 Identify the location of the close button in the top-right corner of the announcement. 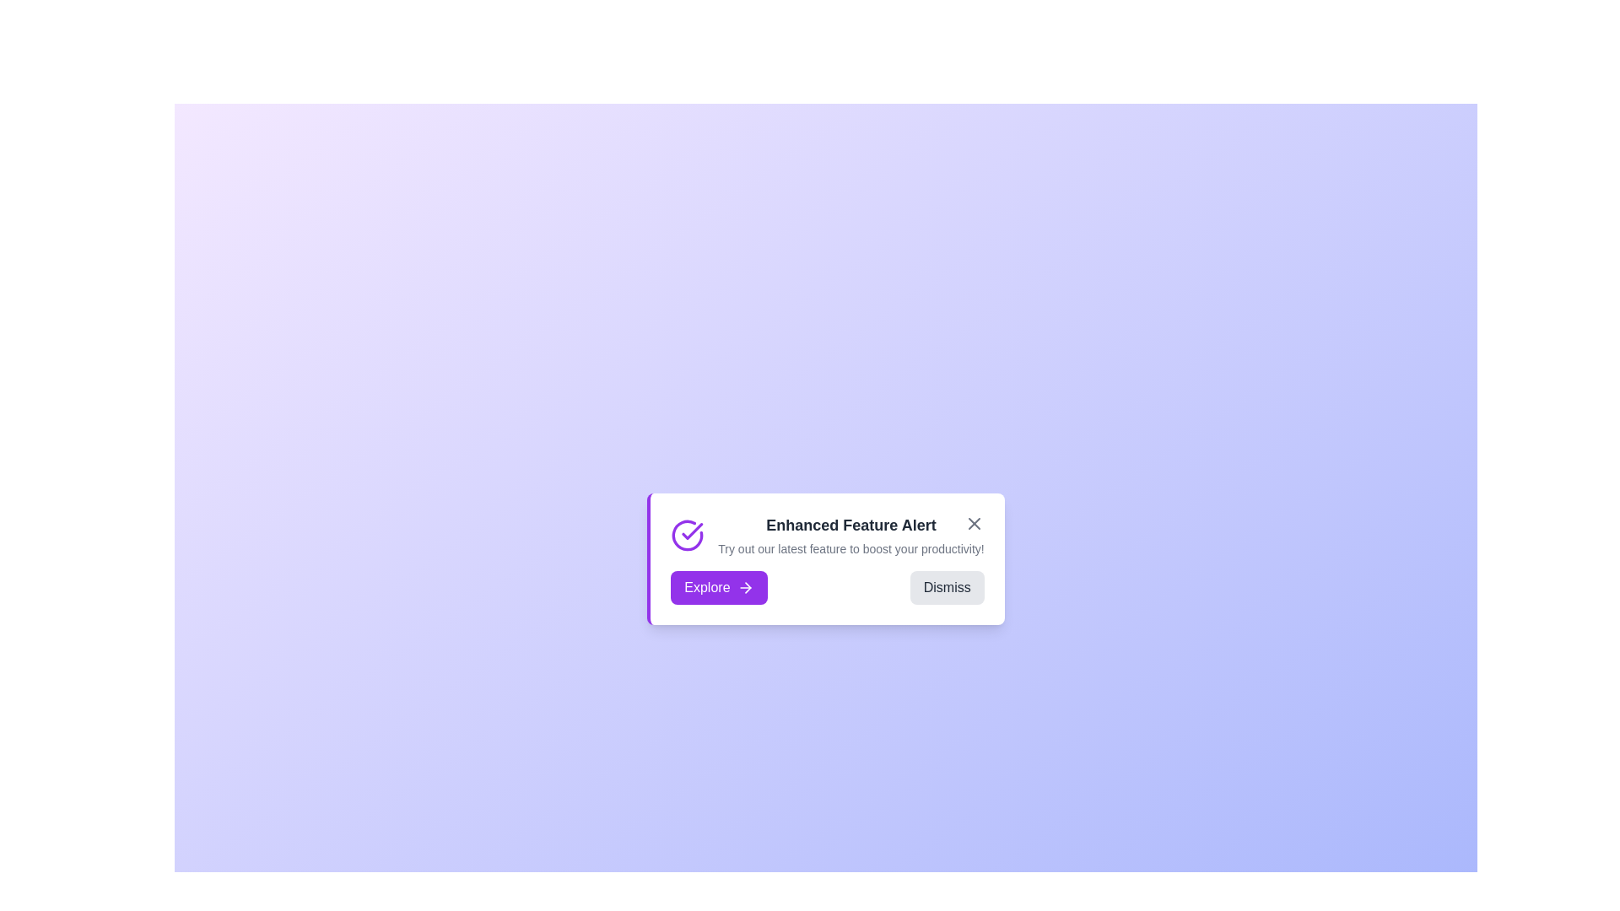
(974, 523).